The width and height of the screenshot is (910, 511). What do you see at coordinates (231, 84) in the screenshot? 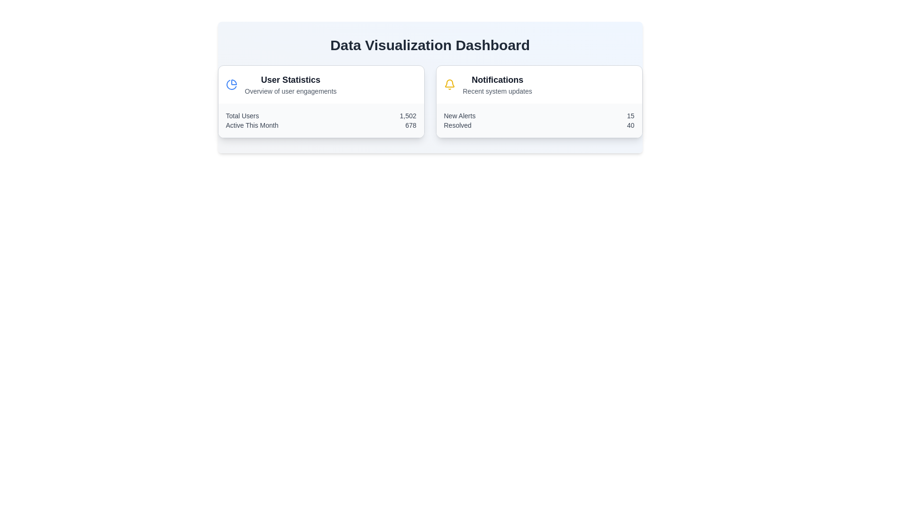
I see `the icon for User Statistics to trigger its functionality` at bounding box center [231, 84].